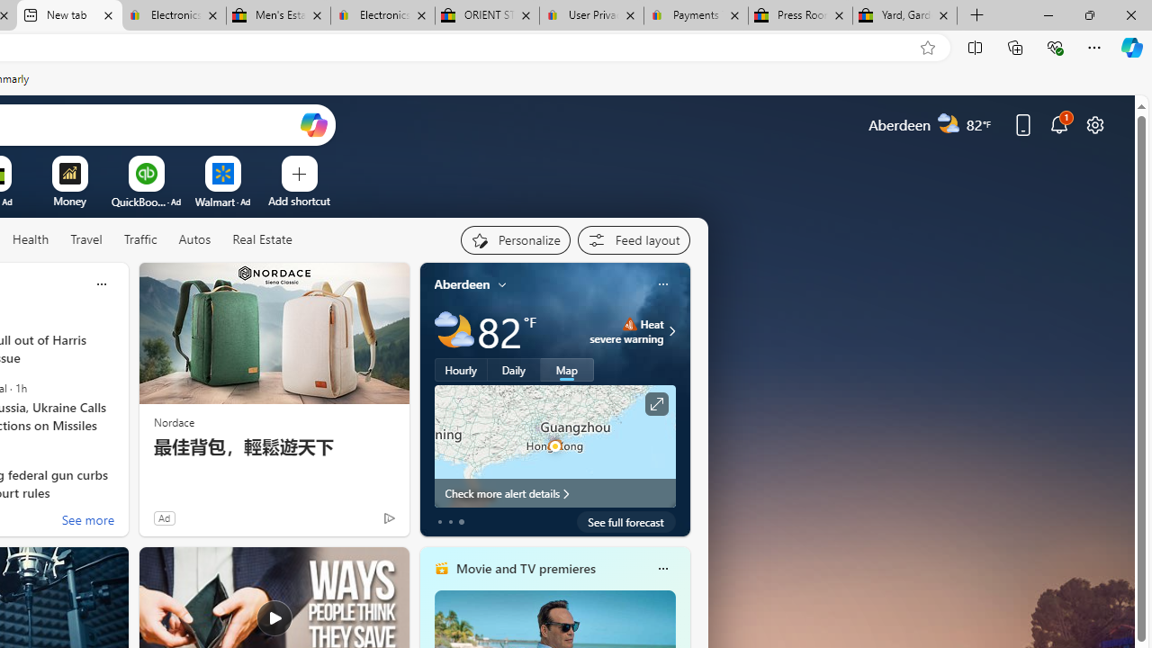 This screenshot has width=1152, height=648. Describe the element at coordinates (634, 239) in the screenshot. I see `'Feed settings'` at that location.